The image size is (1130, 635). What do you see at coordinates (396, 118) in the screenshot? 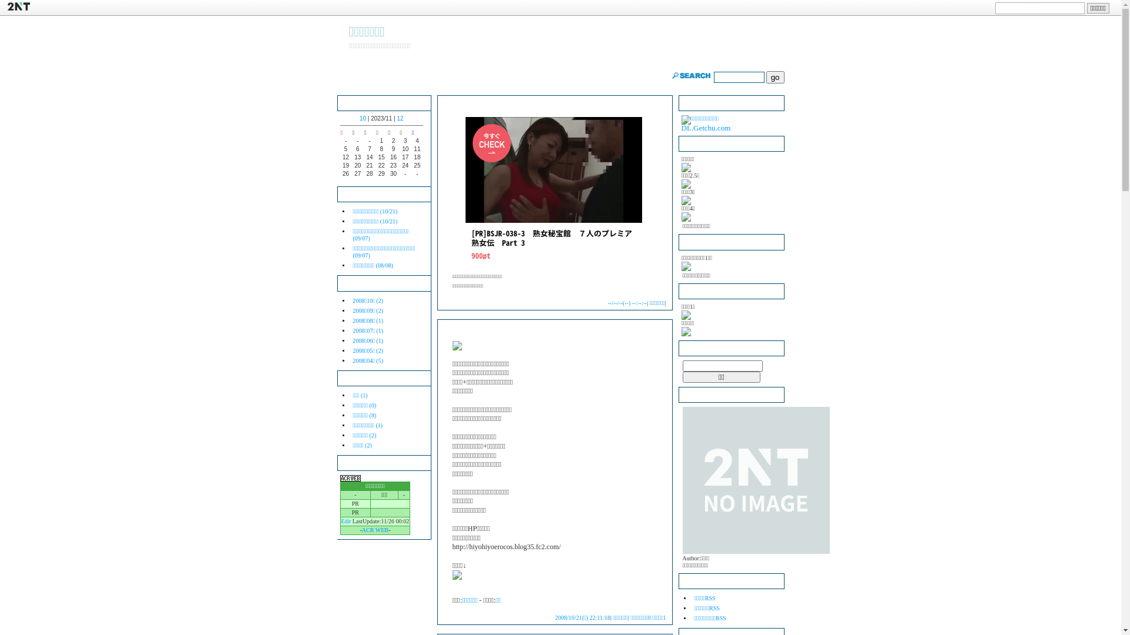
I see `'12'` at bounding box center [396, 118].